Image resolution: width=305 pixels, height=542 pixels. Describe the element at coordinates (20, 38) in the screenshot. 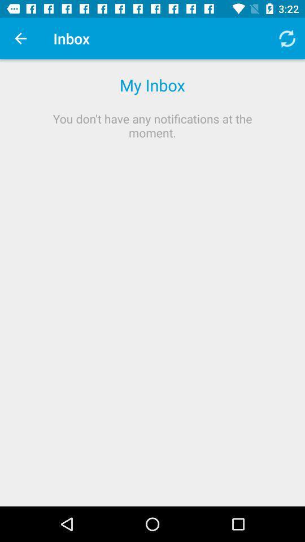

I see `icon above the you don t icon` at that location.